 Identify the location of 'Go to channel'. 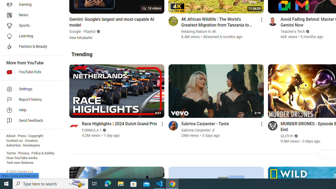
(272, 125).